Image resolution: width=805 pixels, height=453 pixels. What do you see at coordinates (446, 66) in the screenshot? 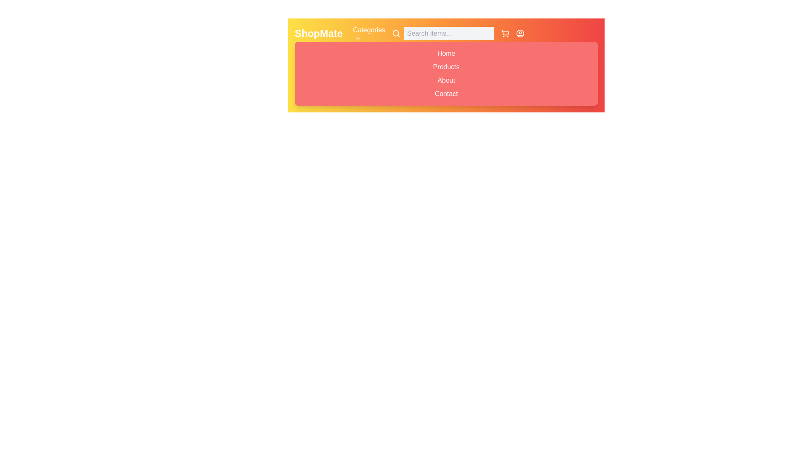
I see `the 'Products' hyperlink, the second entry in the vertical list below 'Home' and above 'About' and 'Contact'` at bounding box center [446, 66].